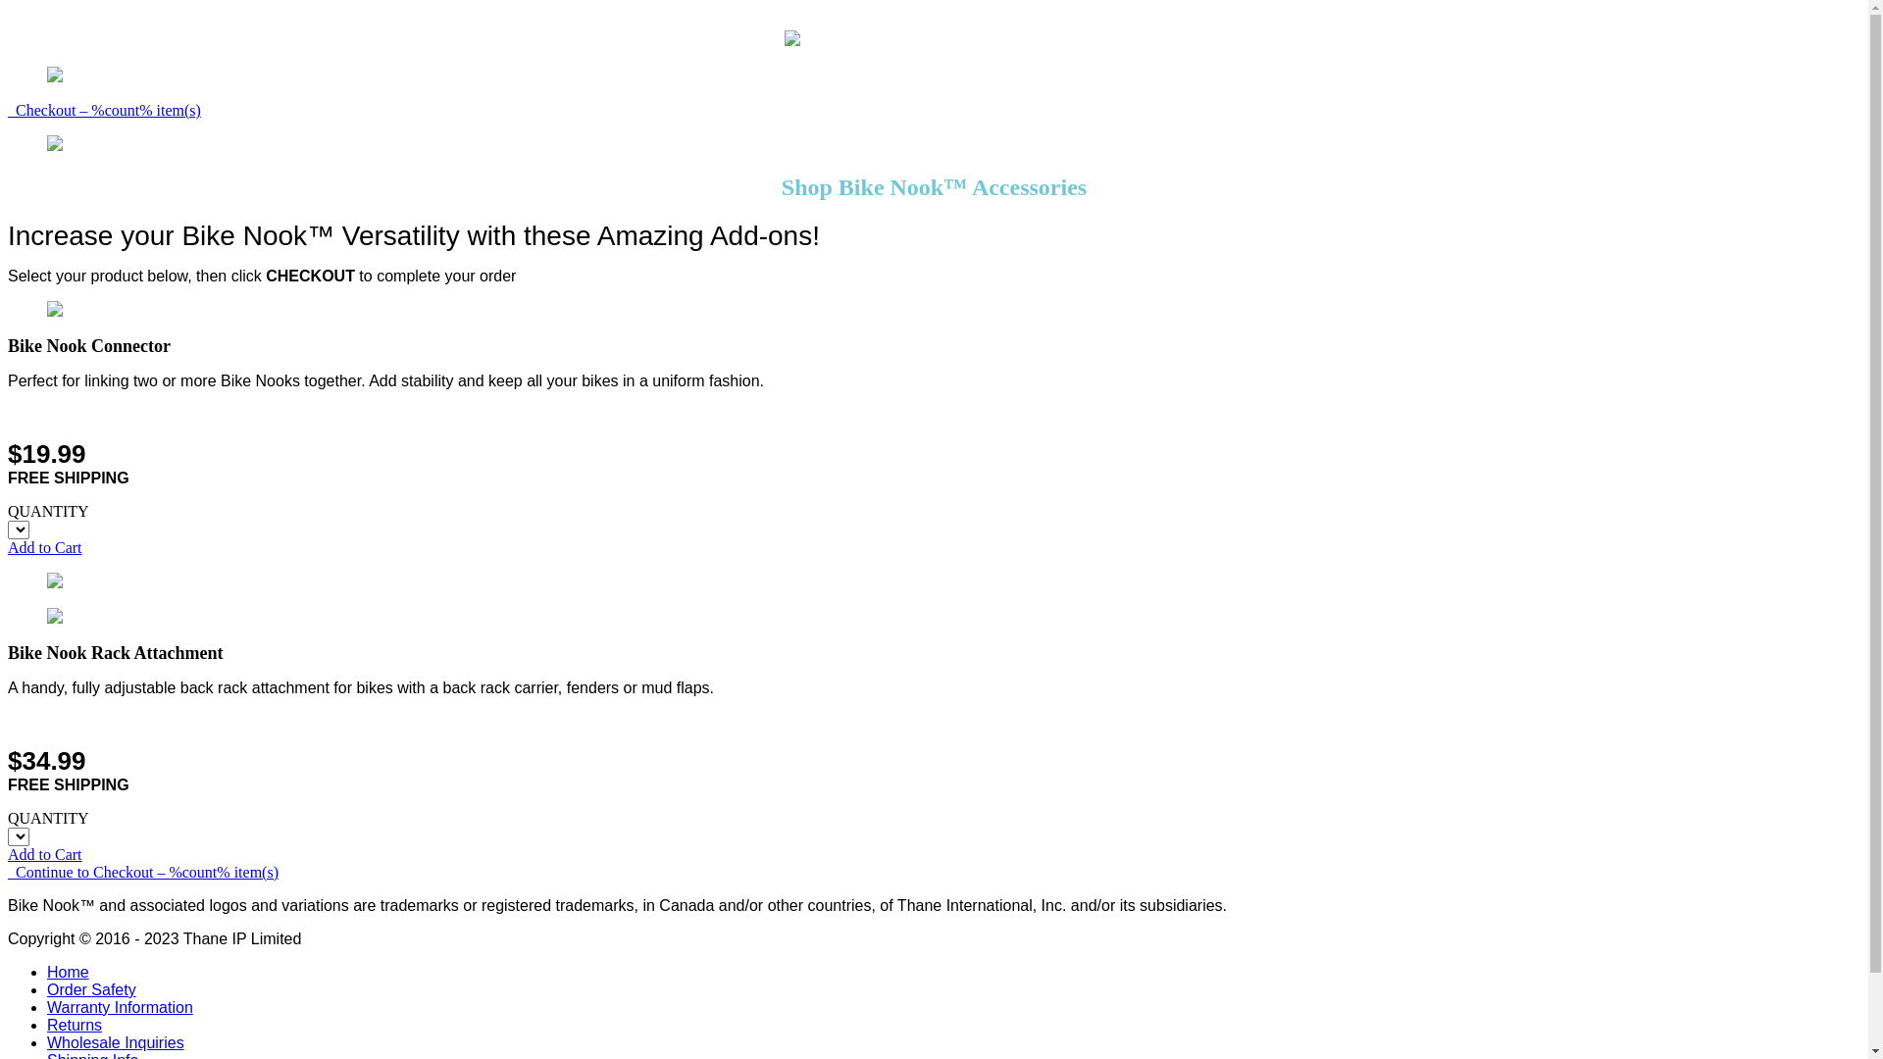  Describe the element at coordinates (45, 547) in the screenshot. I see `'Add to Cart'` at that location.